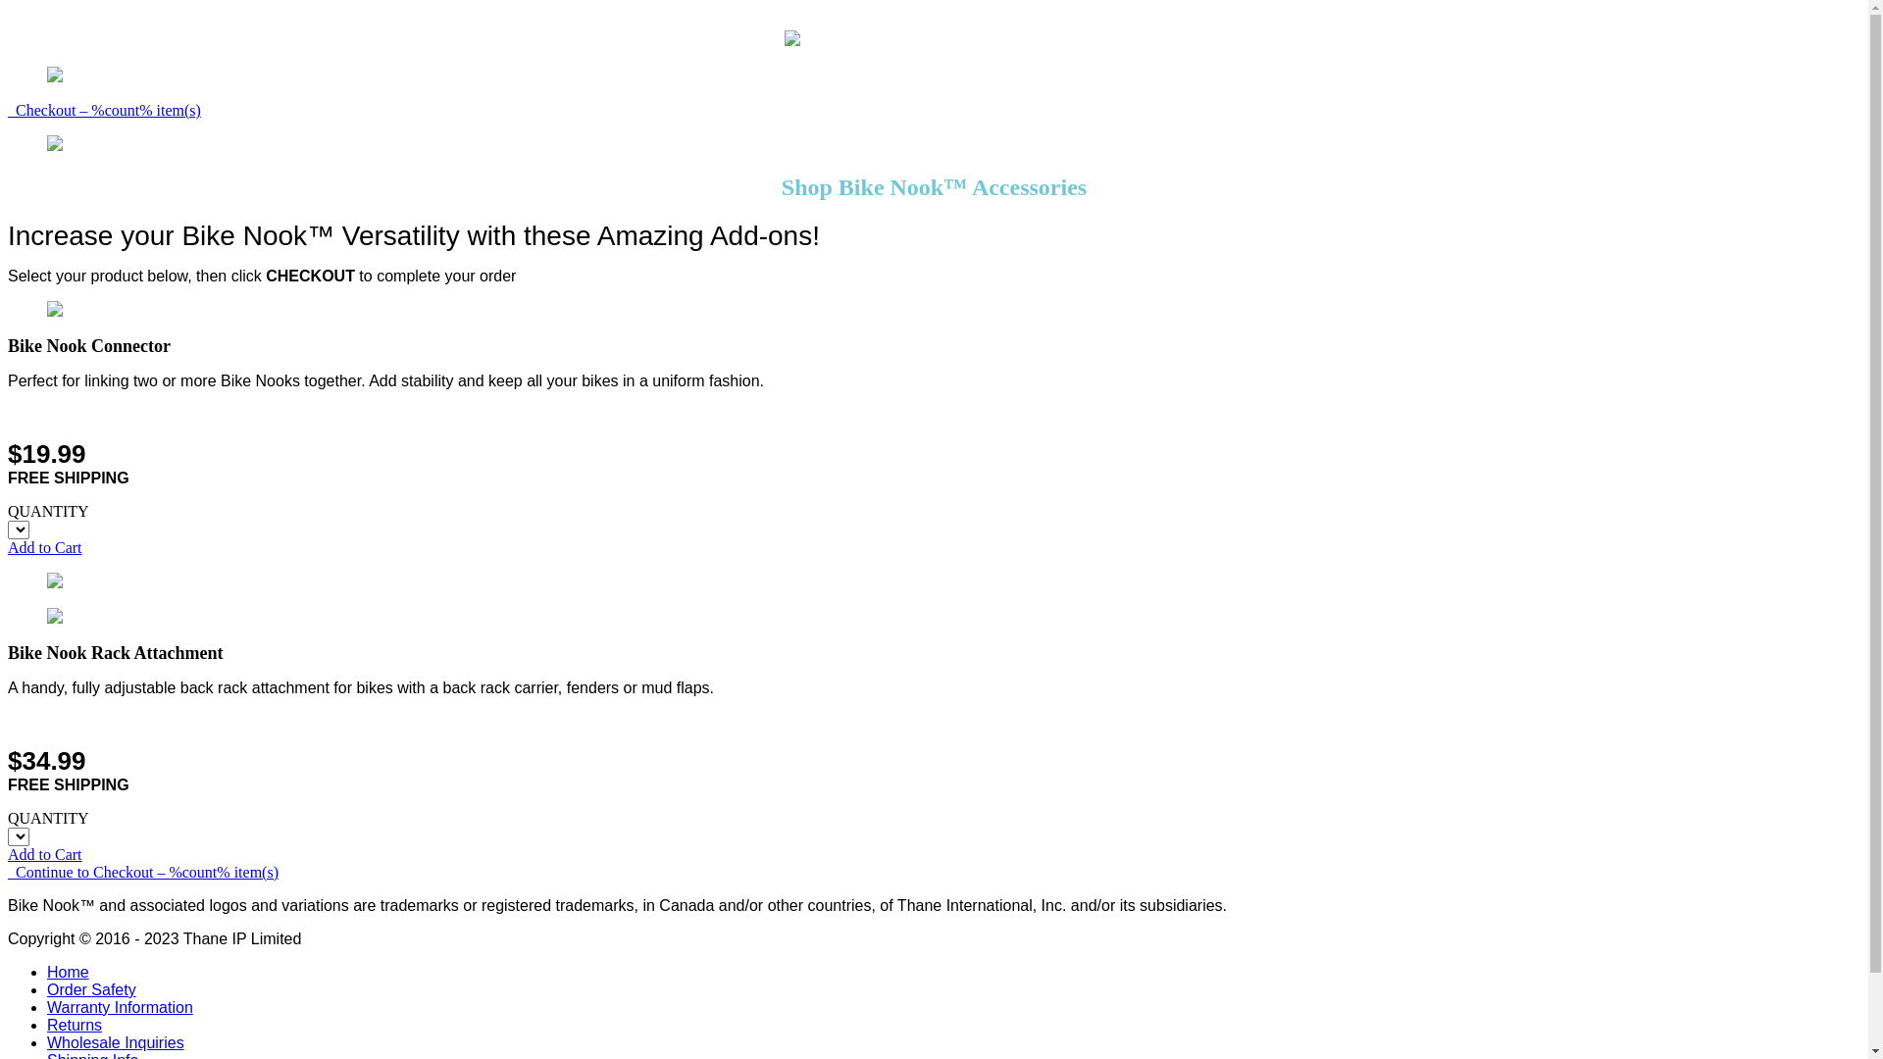  Describe the element at coordinates (45, 547) in the screenshot. I see `'Add to Cart'` at that location.